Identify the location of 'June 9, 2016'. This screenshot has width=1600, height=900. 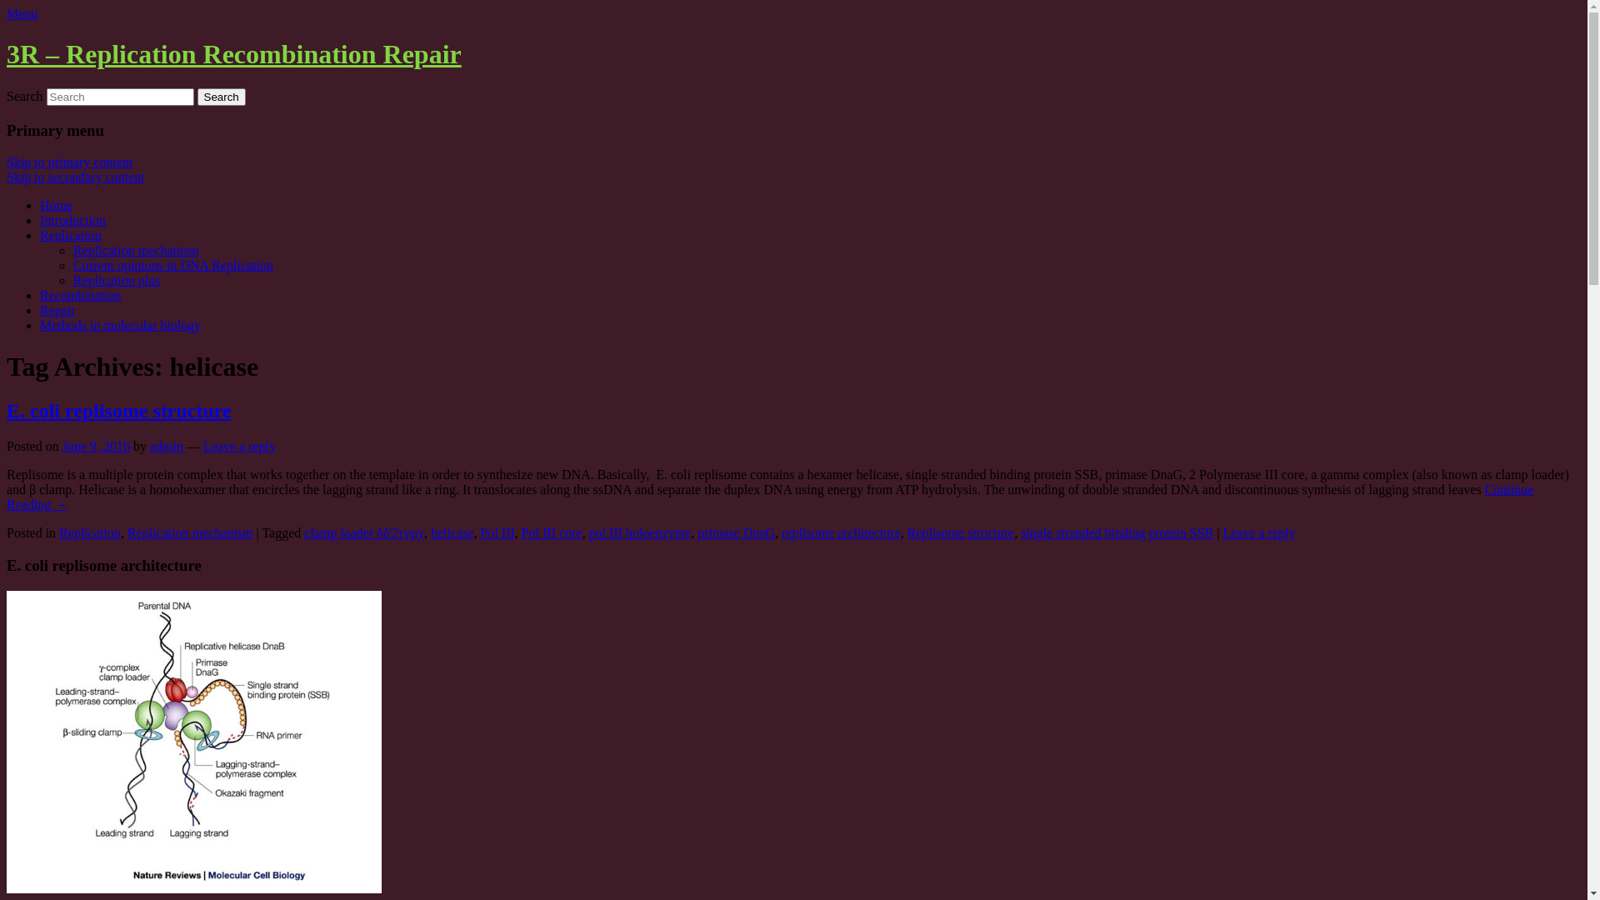
(95, 445).